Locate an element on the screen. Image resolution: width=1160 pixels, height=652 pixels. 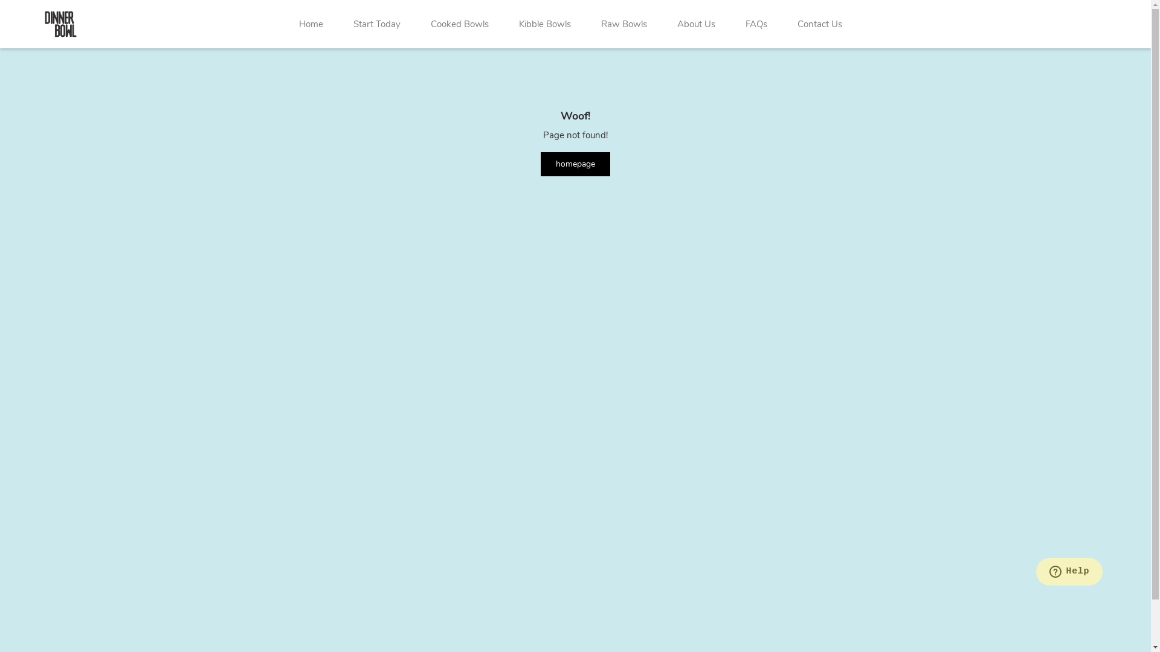
'homepage' is located at coordinates (575, 164).